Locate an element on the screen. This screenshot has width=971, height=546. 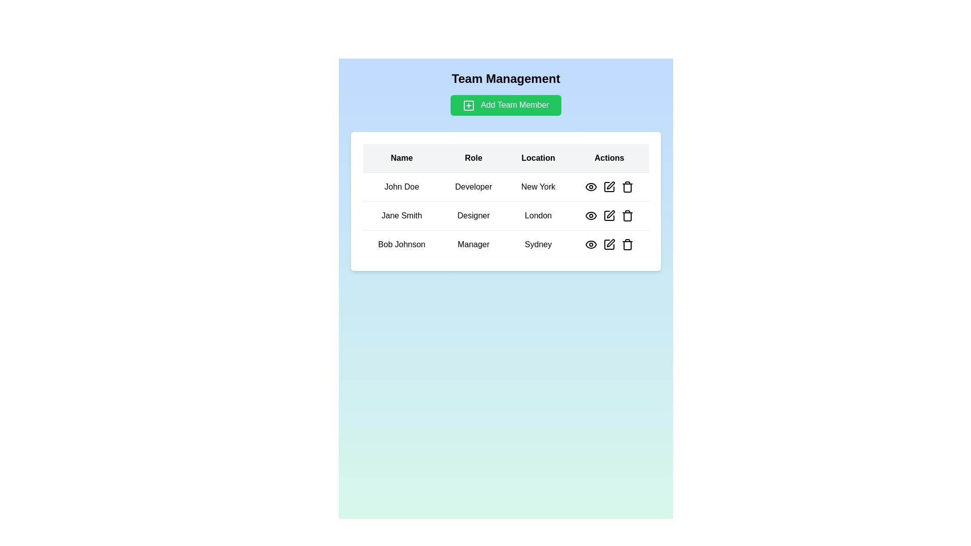
the text label displaying 'London' associated with 'Jane Smith' in the second row of the 'Location' column in the tabular data is located at coordinates (538, 215).